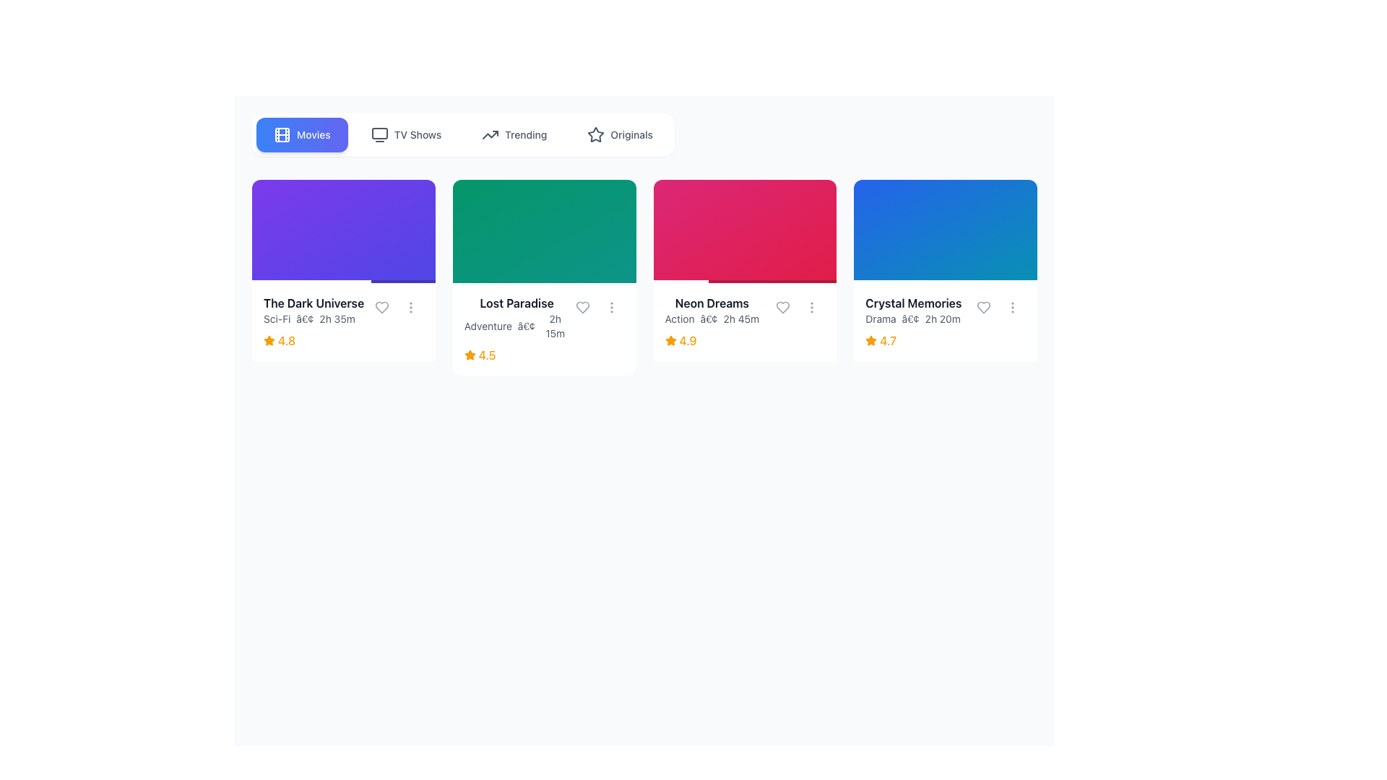 Image resolution: width=1387 pixels, height=780 pixels. What do you see at coordinates (517, 326) in the screenshot?
I see `the informational Text label that provides genre and duration details, located below the title 'Lost Paradise' in the second card of a horizontally arranged group of cards` at bounding box center [517, 326].